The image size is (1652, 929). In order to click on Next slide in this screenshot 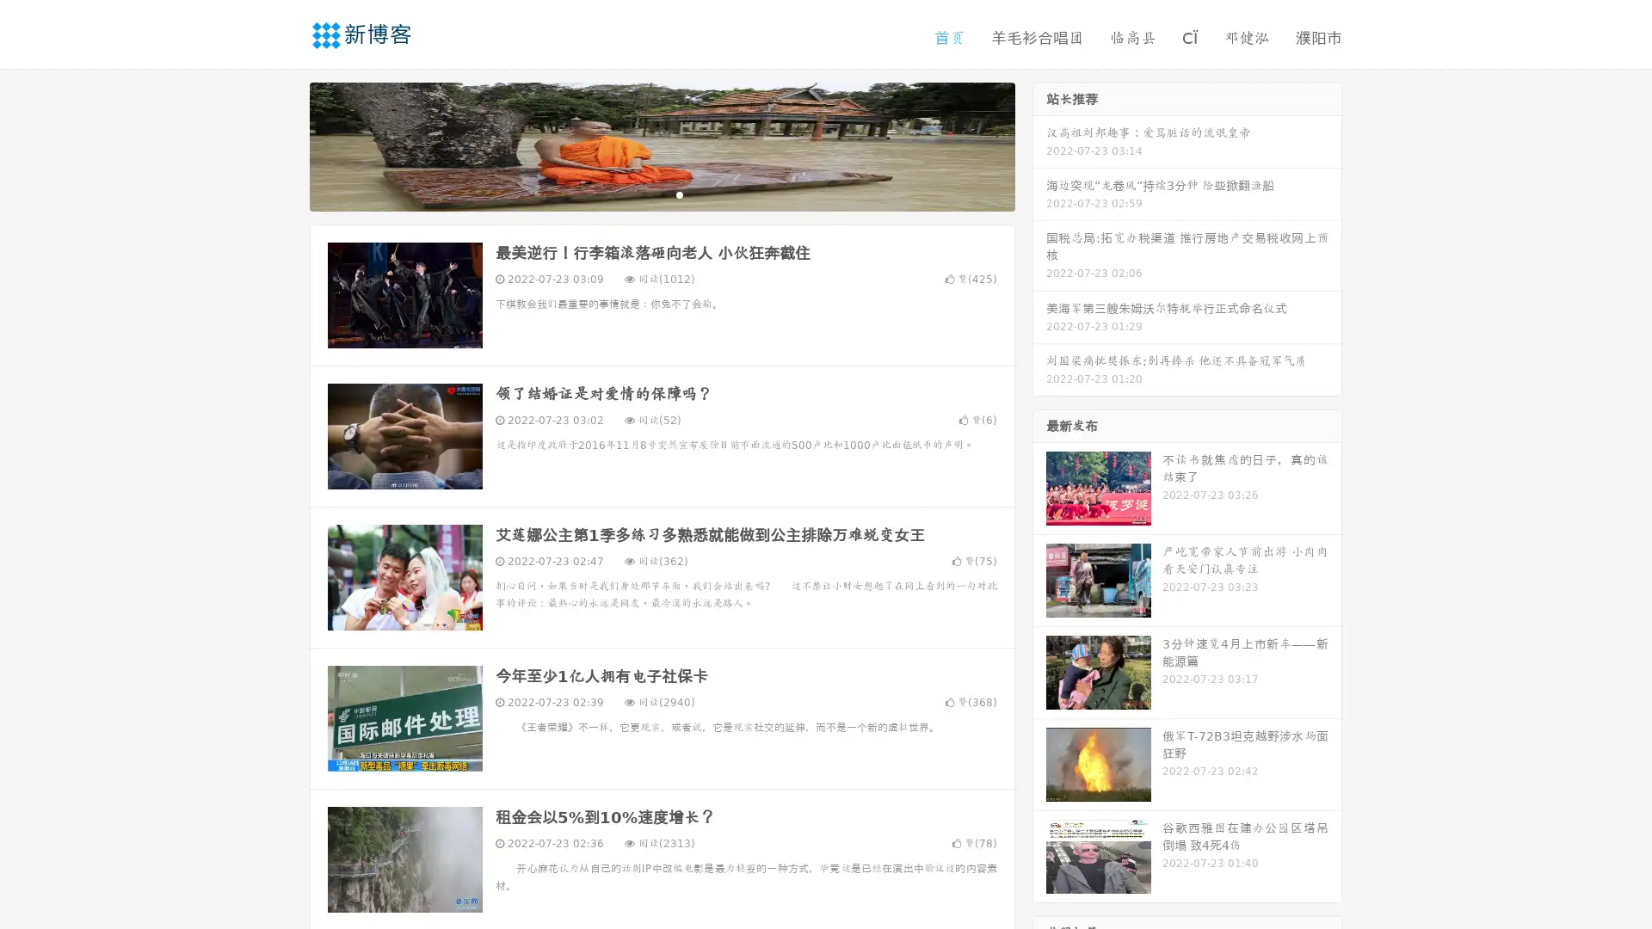, I will do `click(1039, 145)`.